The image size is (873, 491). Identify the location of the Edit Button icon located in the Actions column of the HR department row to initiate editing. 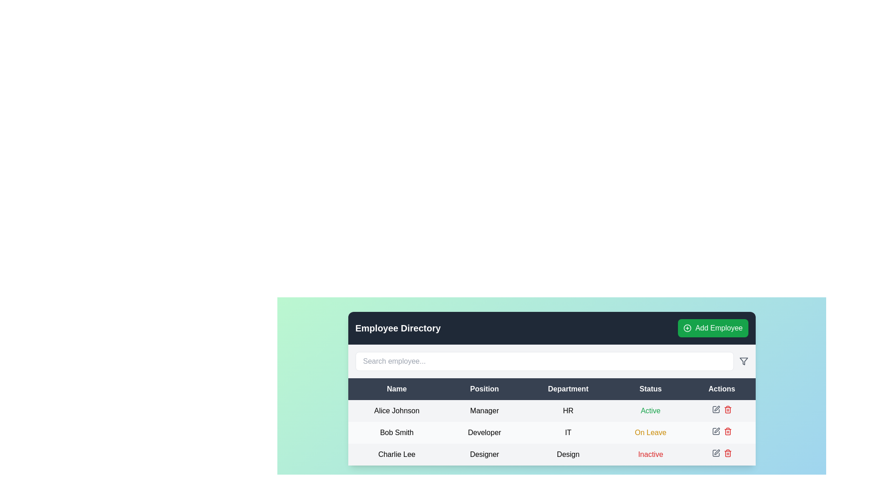
(715, 410).